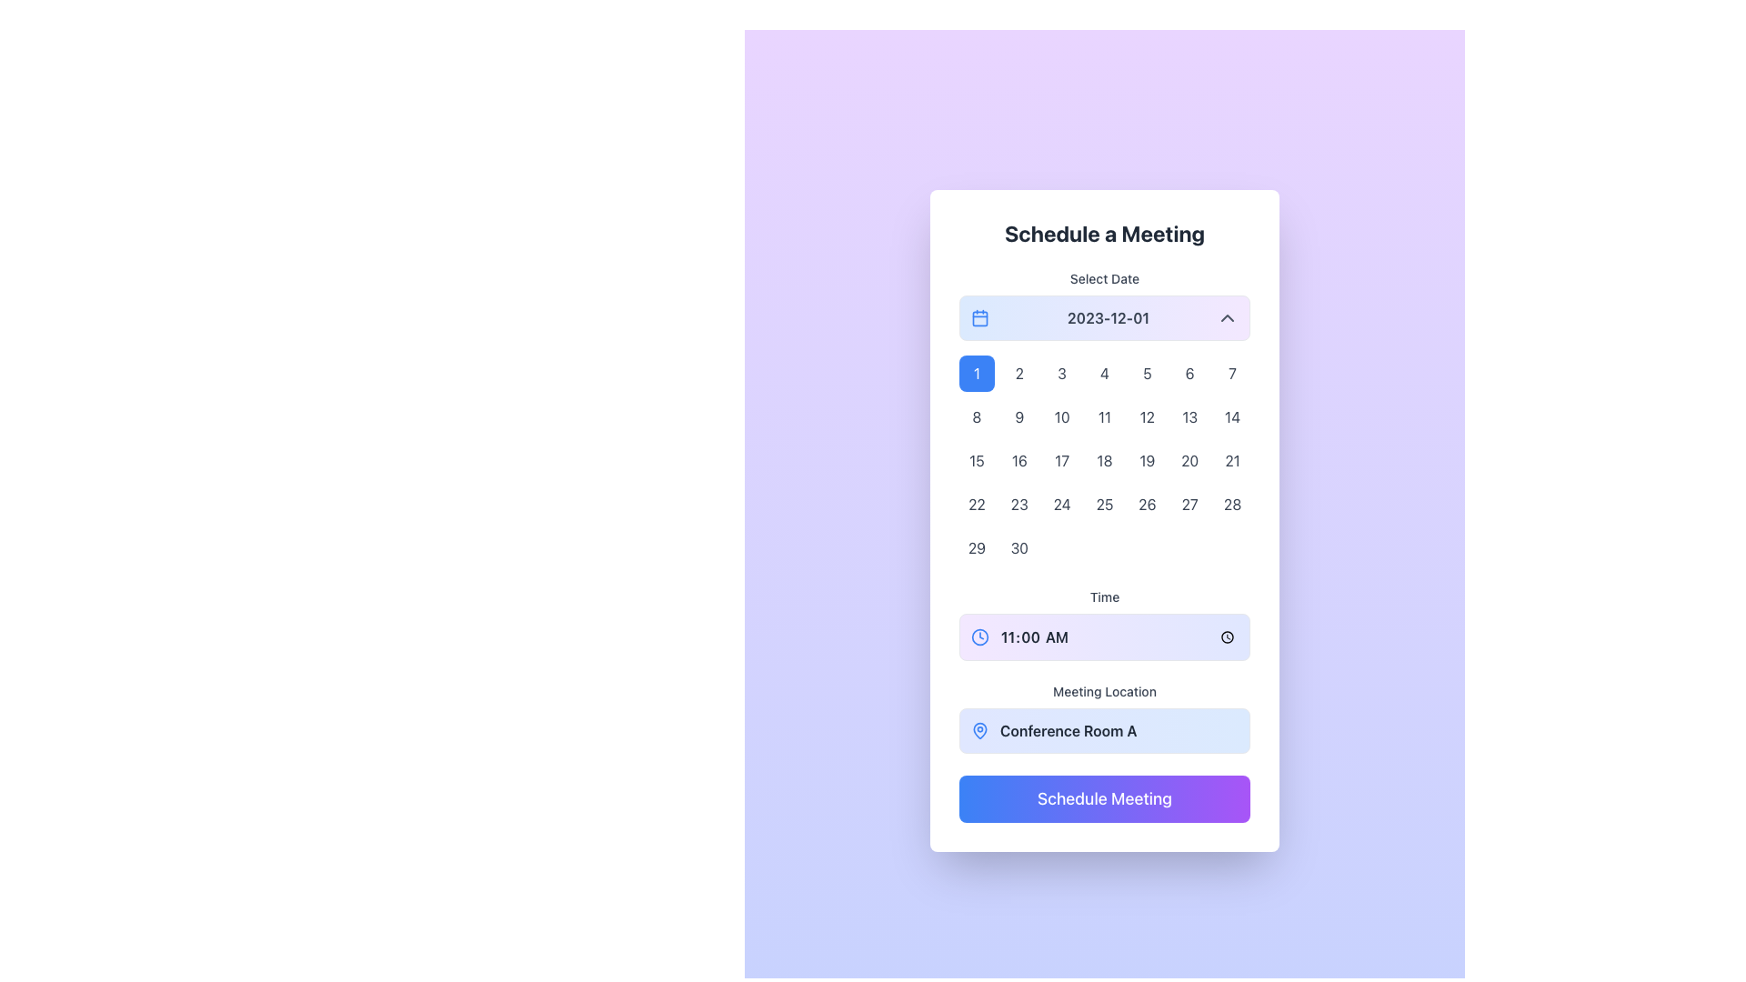 The width and height of the screenshot is (1746, 982). Describe the element at coordinates (1103, 717) in the screenshot. I see `on the text field displaying 'Conference Room A'` at that location.